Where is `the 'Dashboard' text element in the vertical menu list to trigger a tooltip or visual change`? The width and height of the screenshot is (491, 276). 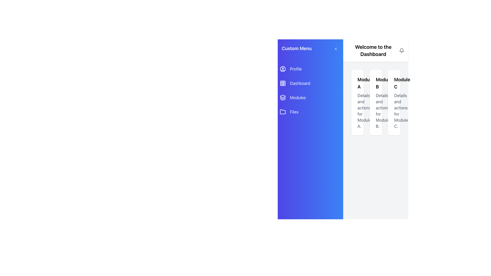 the 'Dashboard' text element in the vertical menu list to trigger a tooltip or visual change is located at coordinates (300, 83).